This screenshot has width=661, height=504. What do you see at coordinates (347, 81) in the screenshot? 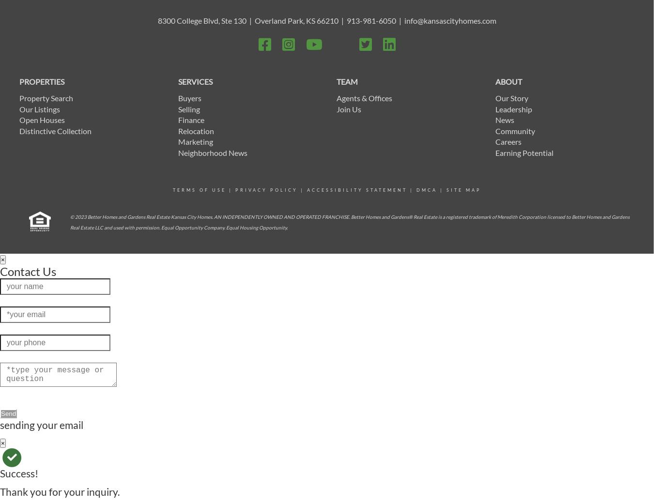
I see `'TEAM'` at bounding box center [347, 81].